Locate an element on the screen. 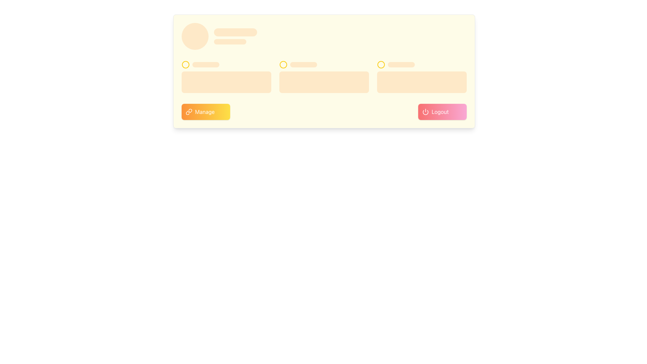 The width and height of the screenshot is (647, 364). the orange 'Manage' button which encloses the chain link icon is located at coordinates (189, 111).